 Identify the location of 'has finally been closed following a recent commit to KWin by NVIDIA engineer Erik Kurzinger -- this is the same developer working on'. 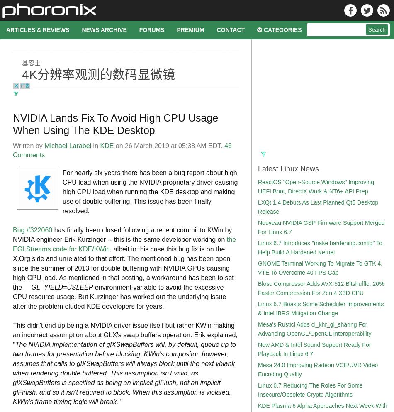
(12, 234).